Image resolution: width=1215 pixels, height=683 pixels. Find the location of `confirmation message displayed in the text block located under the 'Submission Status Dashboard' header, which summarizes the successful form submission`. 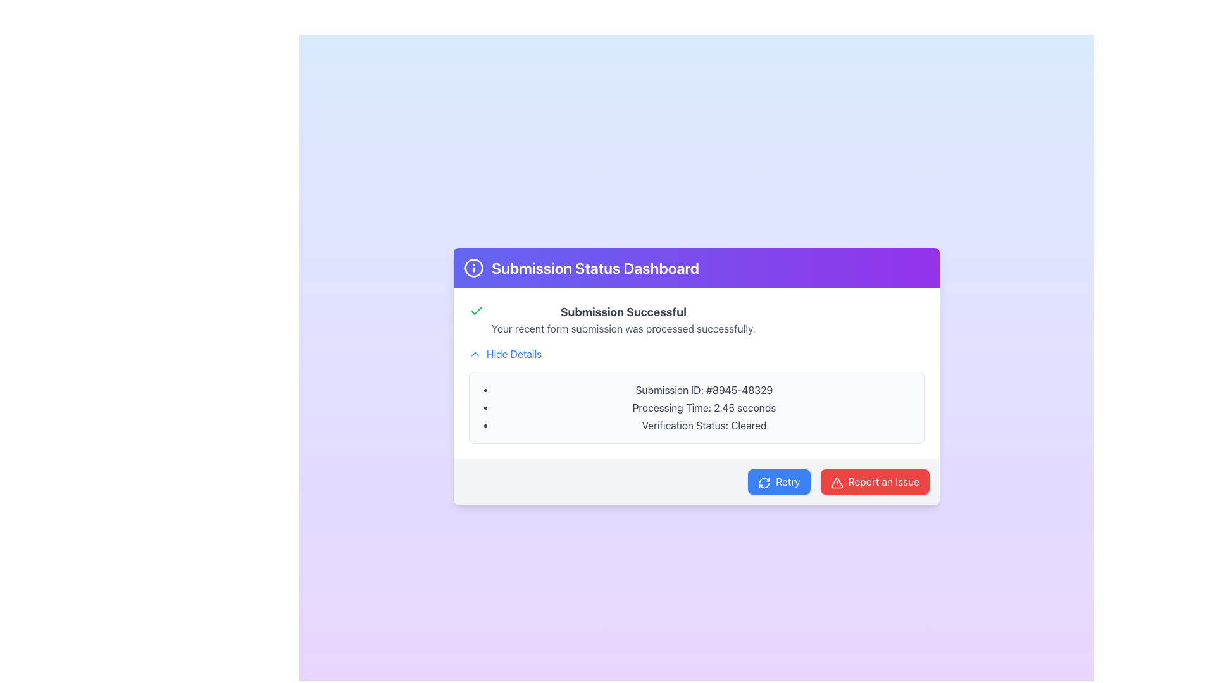

confirmation message displayed in the text block located under the 'Submission Status Dashboard' header, which summarizes the successful form submission is located at coordinates (623, 319).